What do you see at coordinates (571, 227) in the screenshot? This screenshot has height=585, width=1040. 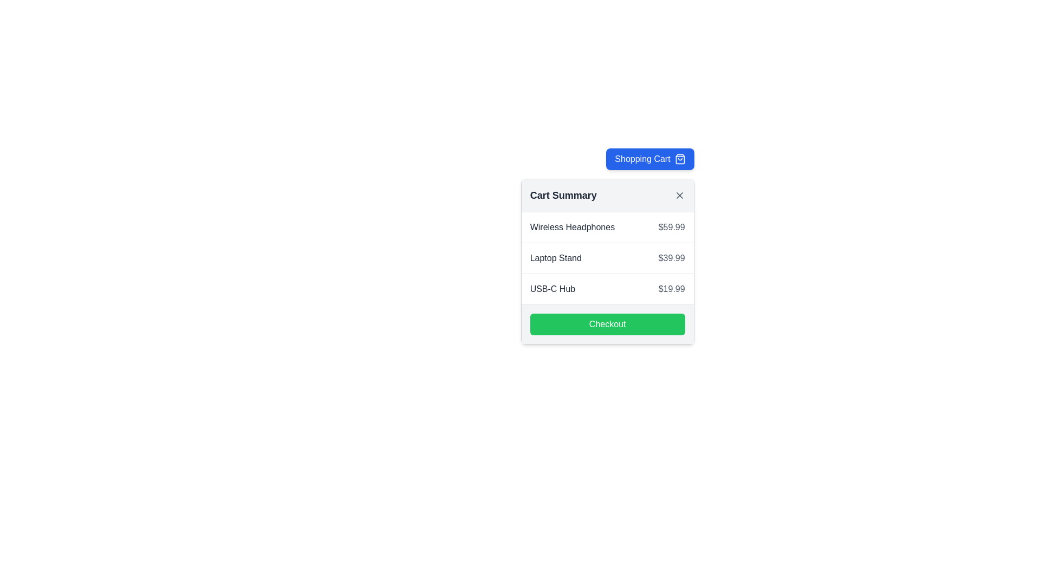 I see `the text label displaying 'Wireless Headphones' located in the 'Cart Summary' section, aligned to the left of the price label '$59.99'` at bounding box center [571, 227].